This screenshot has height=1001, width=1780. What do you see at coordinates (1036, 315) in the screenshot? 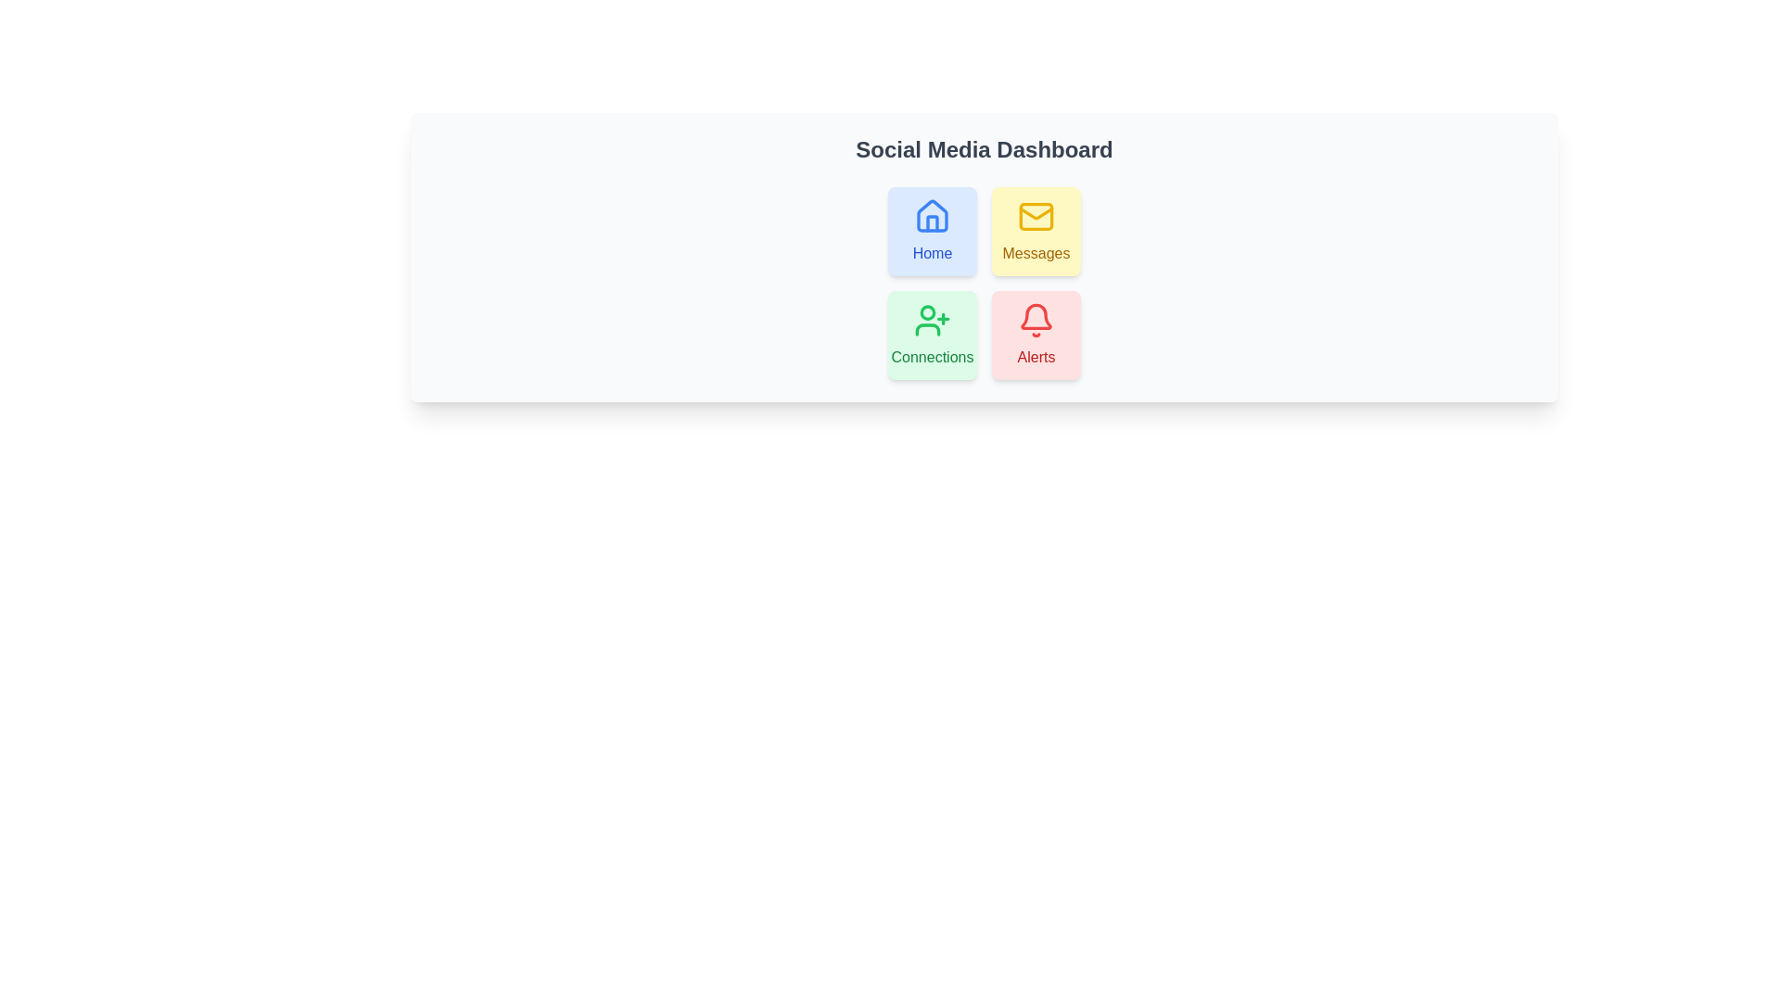
I see `the red bell-shaped icon within the 'Alerts' tile located in the bottom-right corner of the interface` at bounding box center [1036, 315].